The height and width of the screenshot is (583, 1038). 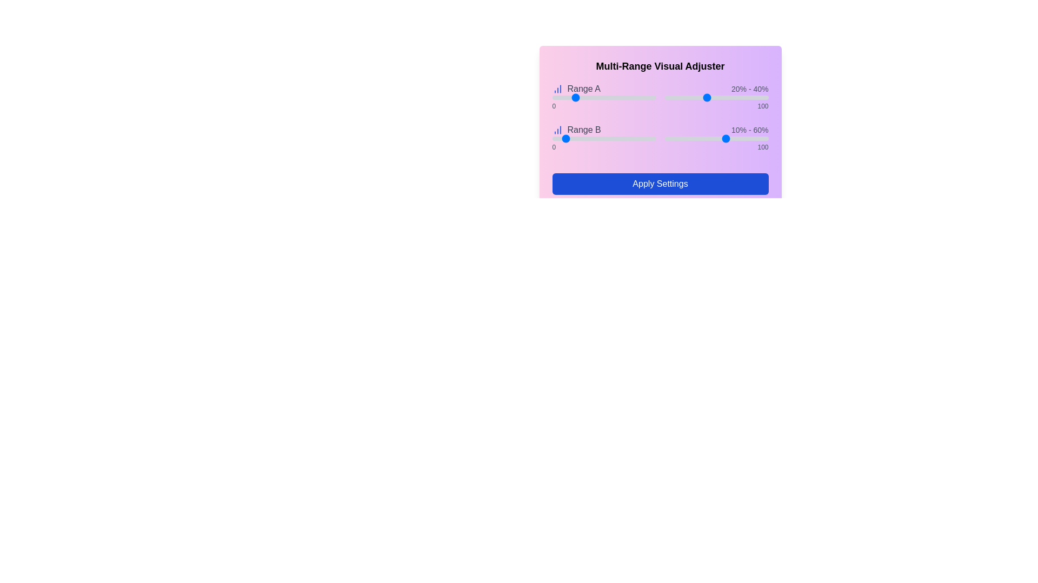 What do you see at coordinates (717, 138) in the screenshot?
I see `the Range B slider` at bounding box center [717, 138].